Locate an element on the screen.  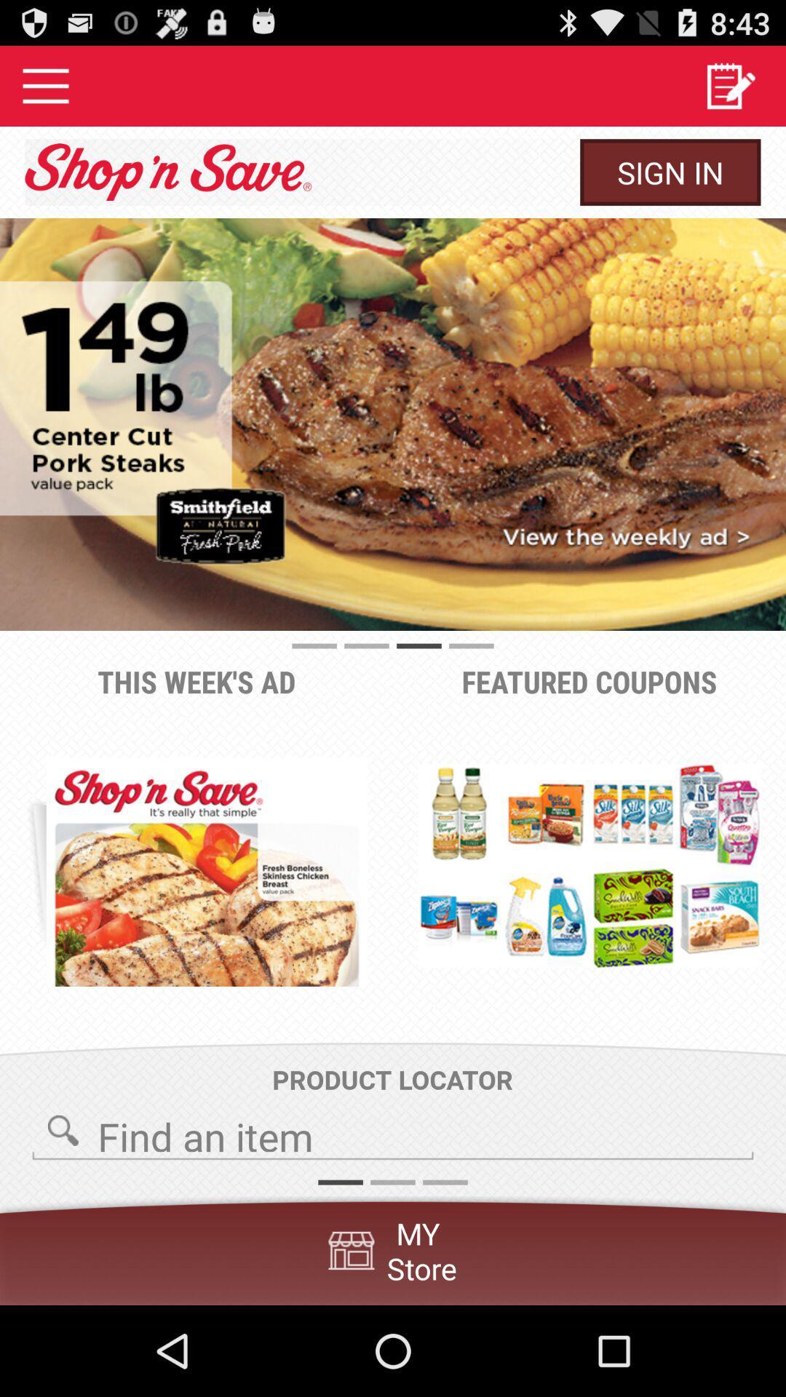
open search bar is located at coordinates (393, 1131).